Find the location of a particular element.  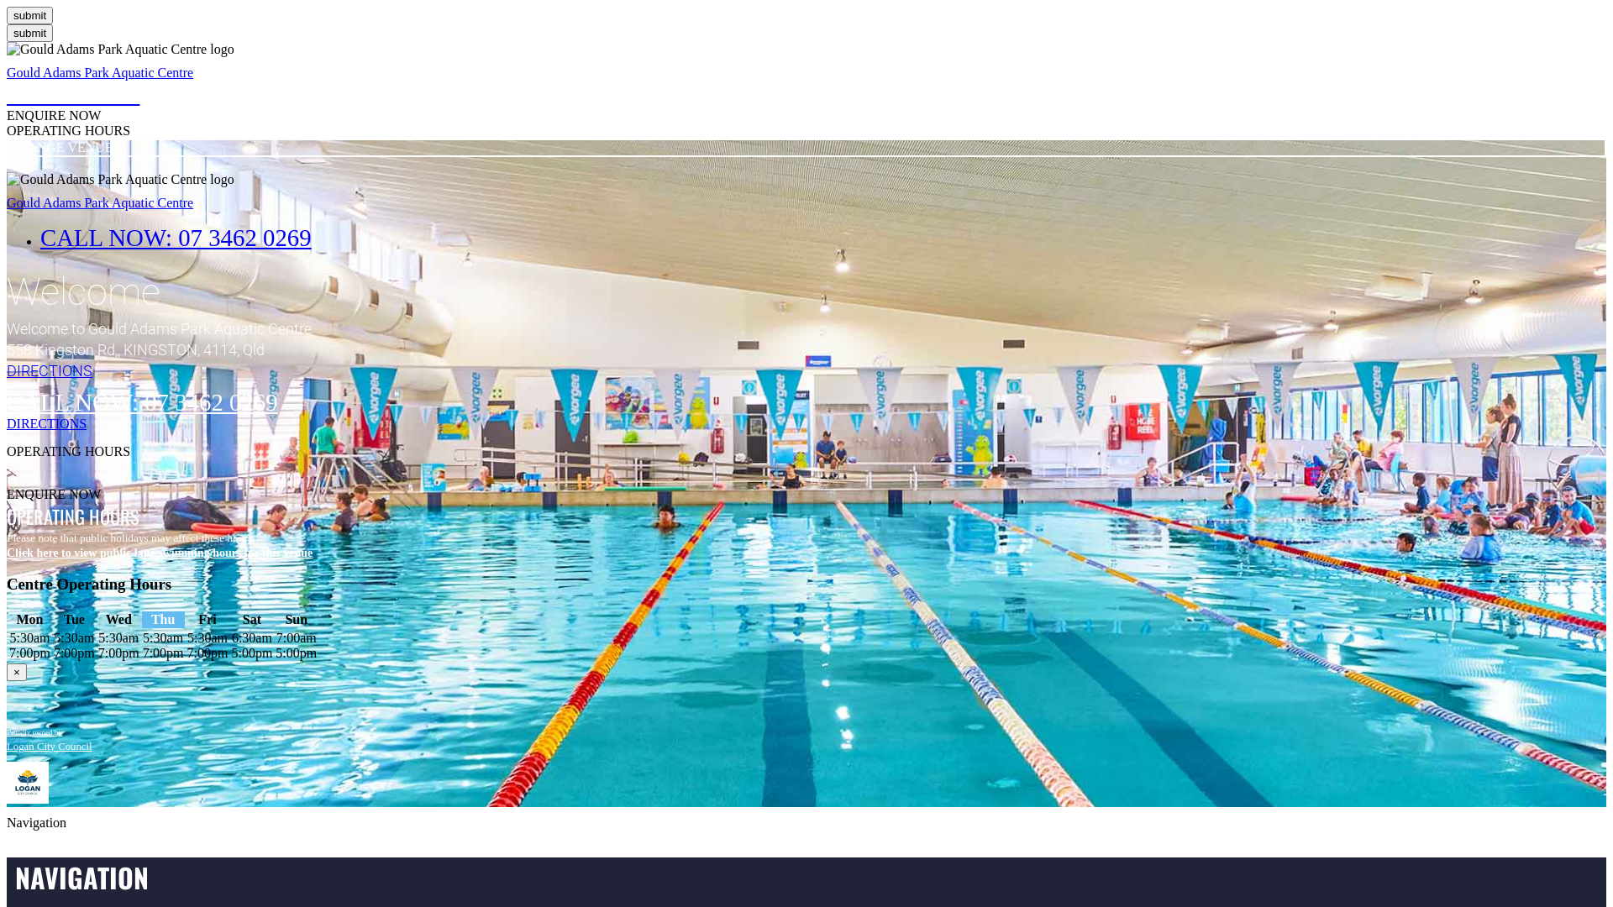

'CALL NOW: 07 3462 0269' is located at coordinates (142, 401).